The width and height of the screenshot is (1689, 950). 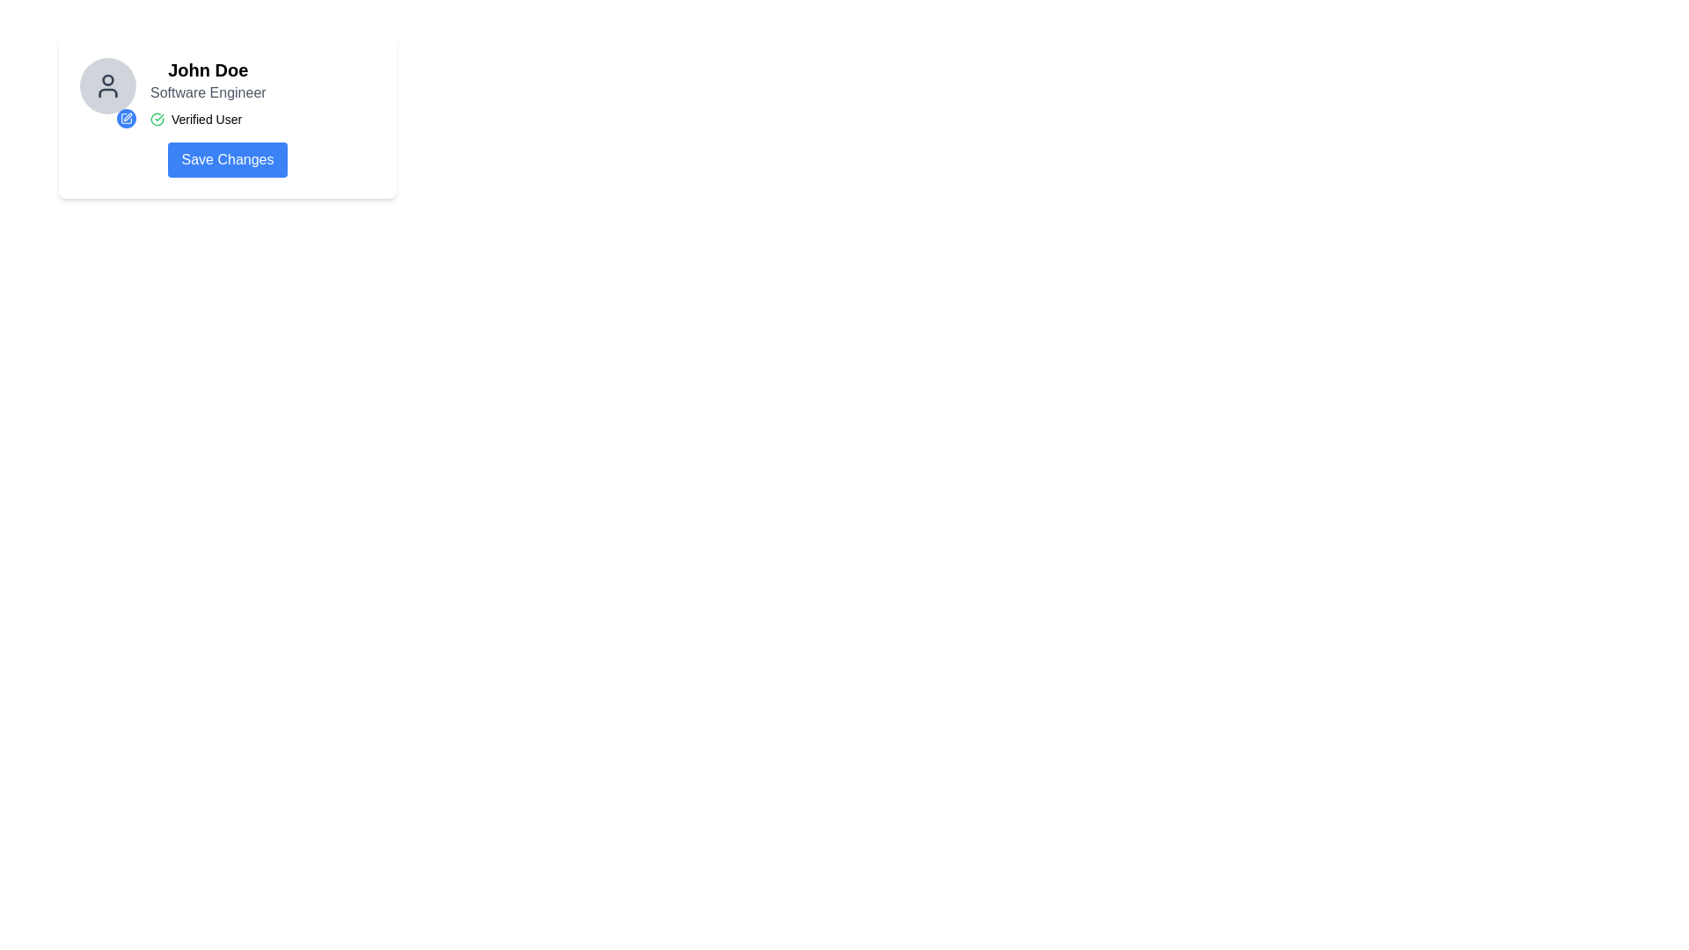 What do you see at coordinates (107, 80) in the screenshot?
I see `the Circle graphic representing the head of the user profile icon in the SVG, located on the left side of the displayed user name and role` at bounding box center [107, 80].